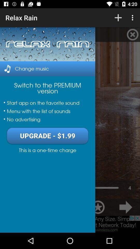  Describe the element at coordinates (133, 18) in the screenshot. I see `the more 3 dot symbol` at that location.